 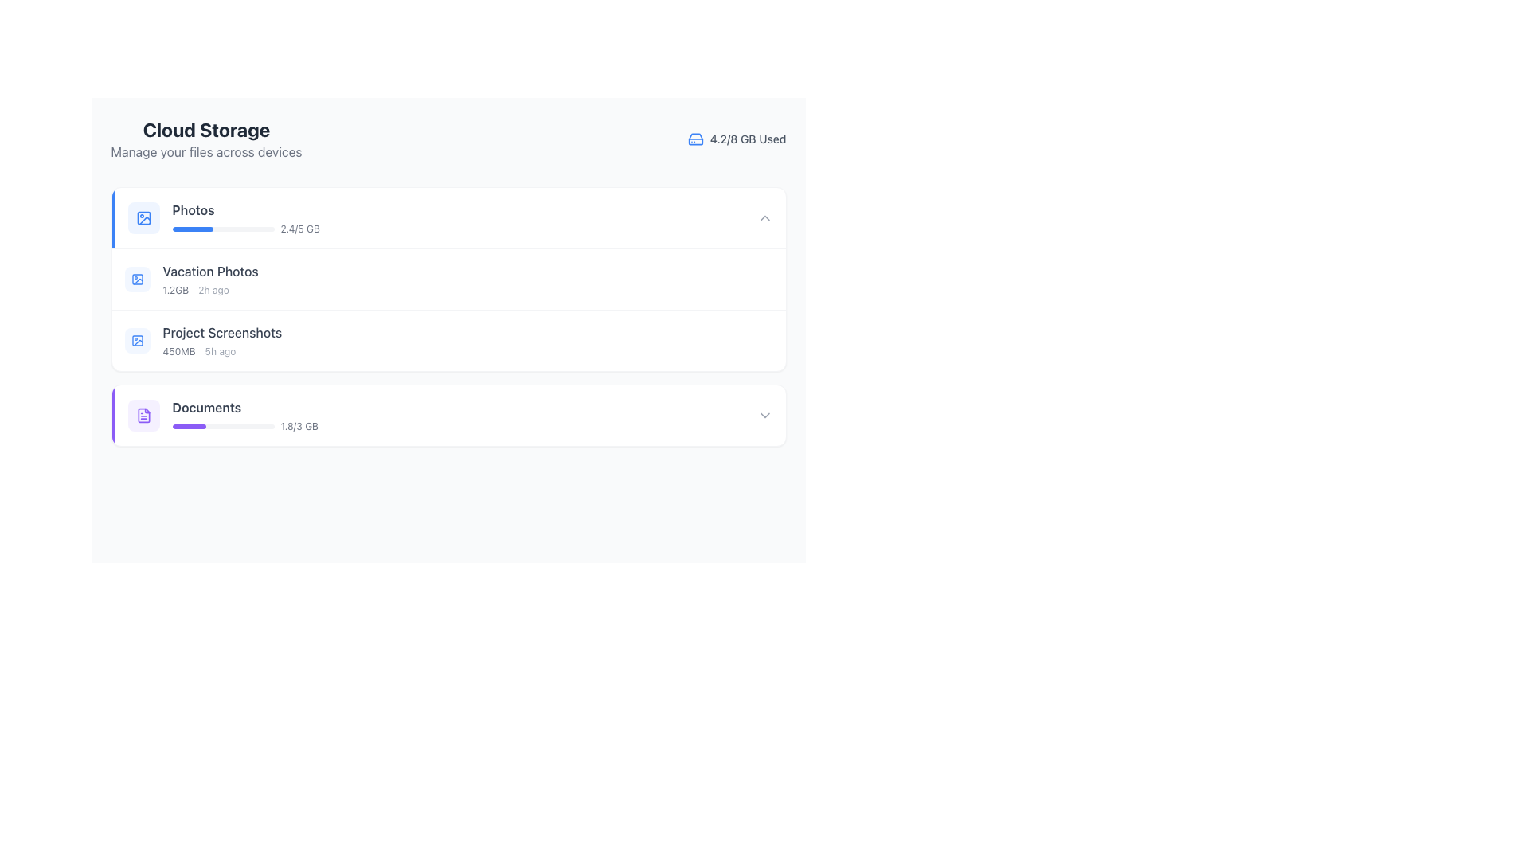 I want to click on the Chevron icon located in the upper right corner of the block labeled 'Photos, 2.4/5 GB', so click(x=764, y=217).